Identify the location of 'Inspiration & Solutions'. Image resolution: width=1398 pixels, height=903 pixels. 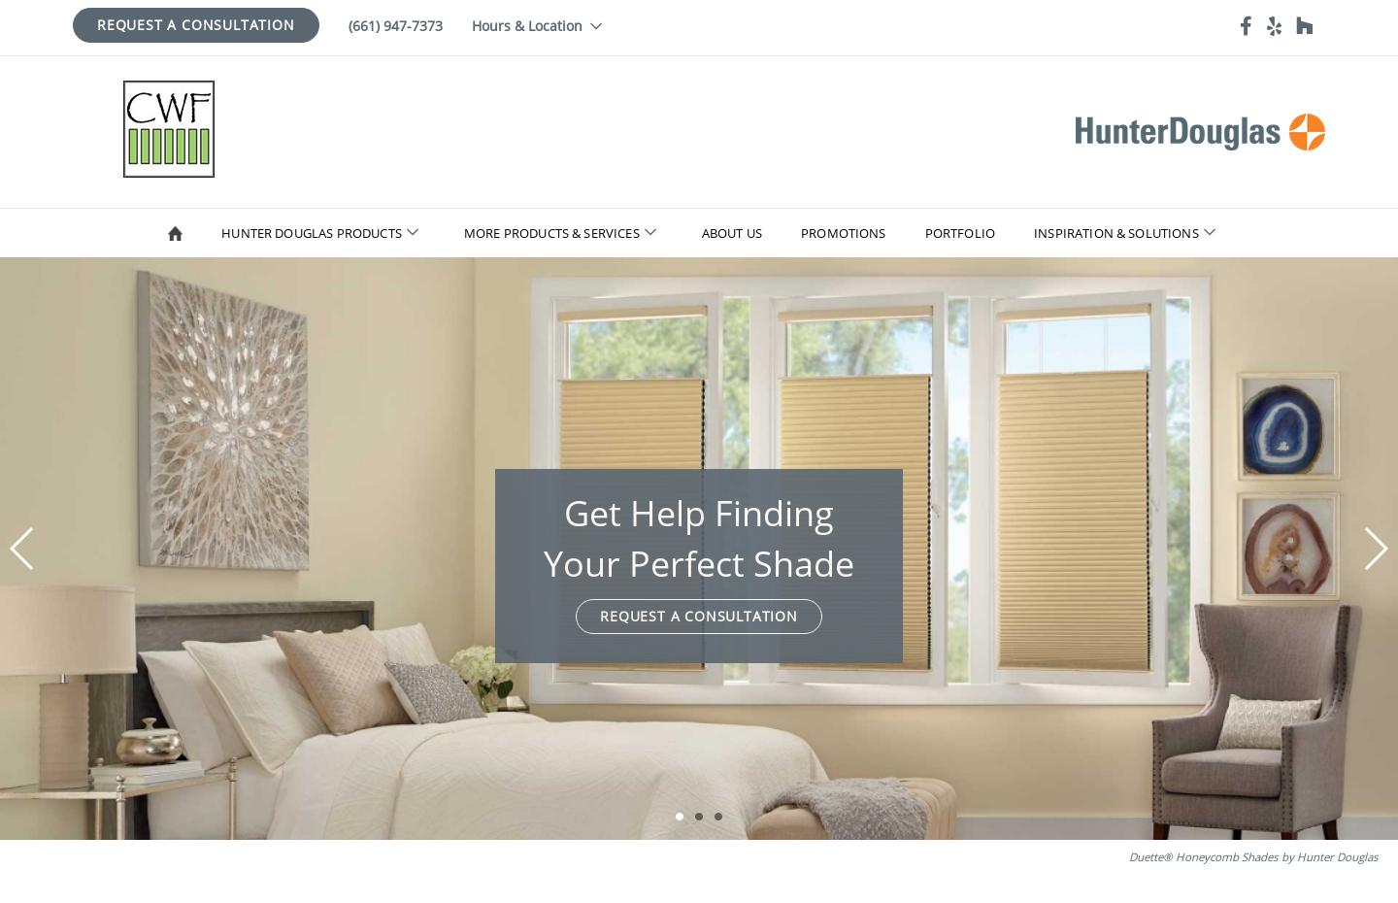
(1115, 233).